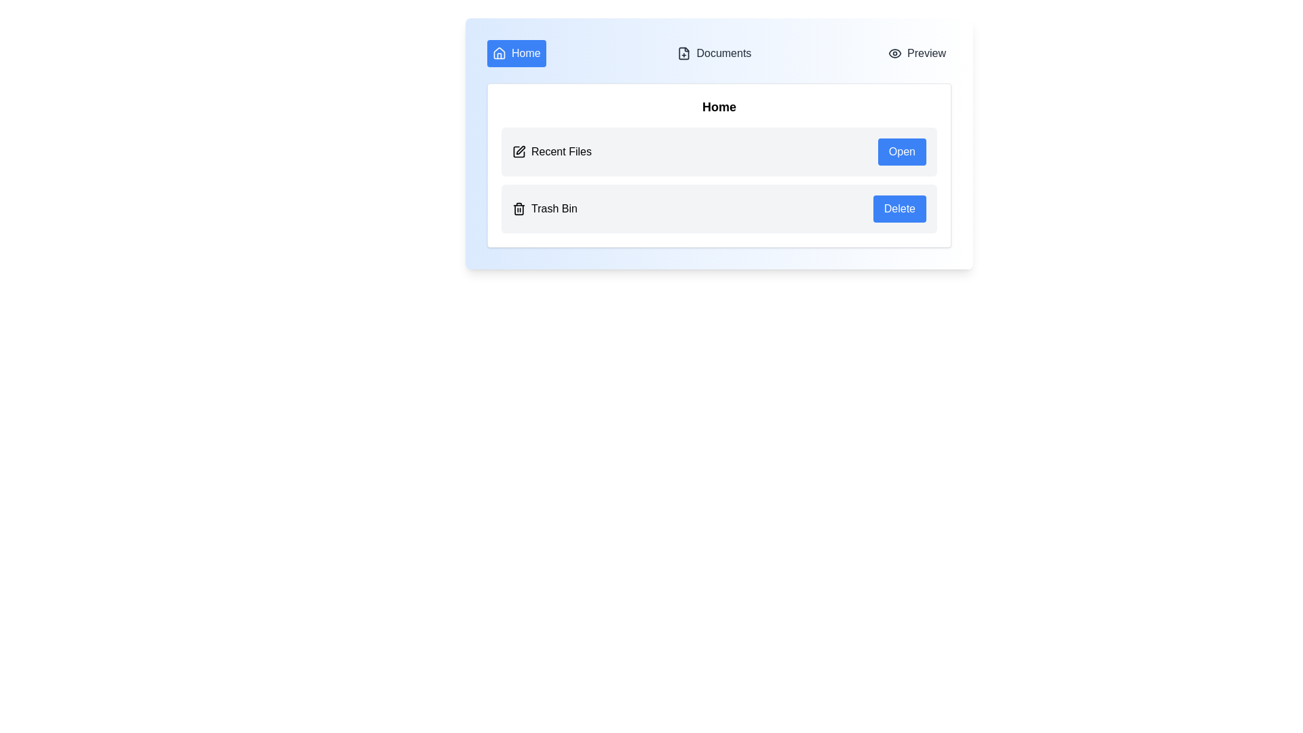 The image size is (1303, 733). Describe the element at coordinates (902, 151) in the screenshot. I see `the button located in the top row of the 'Recent Files' section` at that location.